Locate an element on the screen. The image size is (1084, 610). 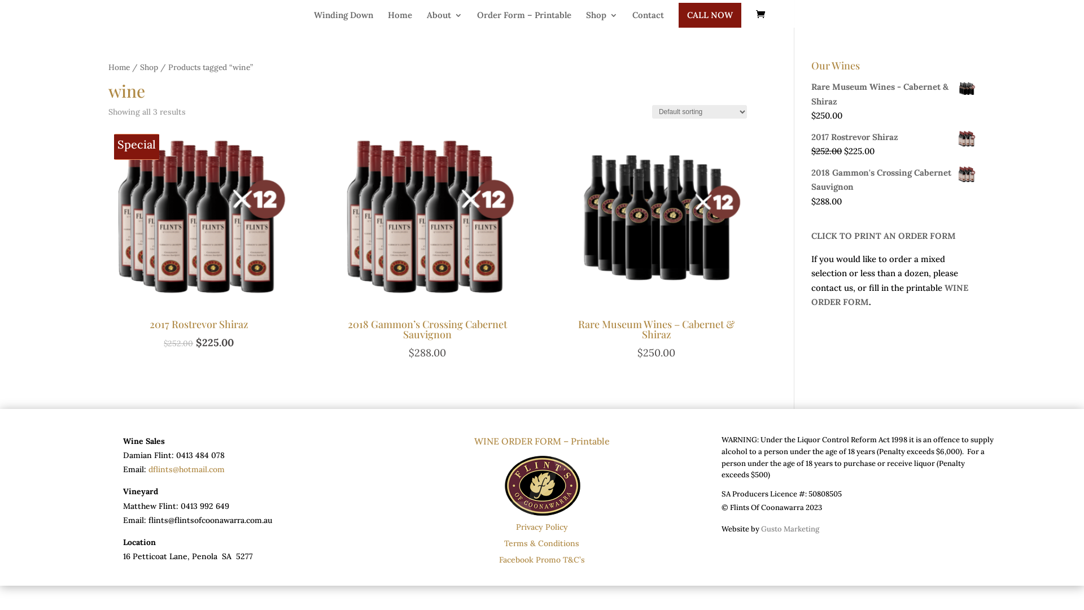
'Winding Down' is located at coordinates (343, 16).